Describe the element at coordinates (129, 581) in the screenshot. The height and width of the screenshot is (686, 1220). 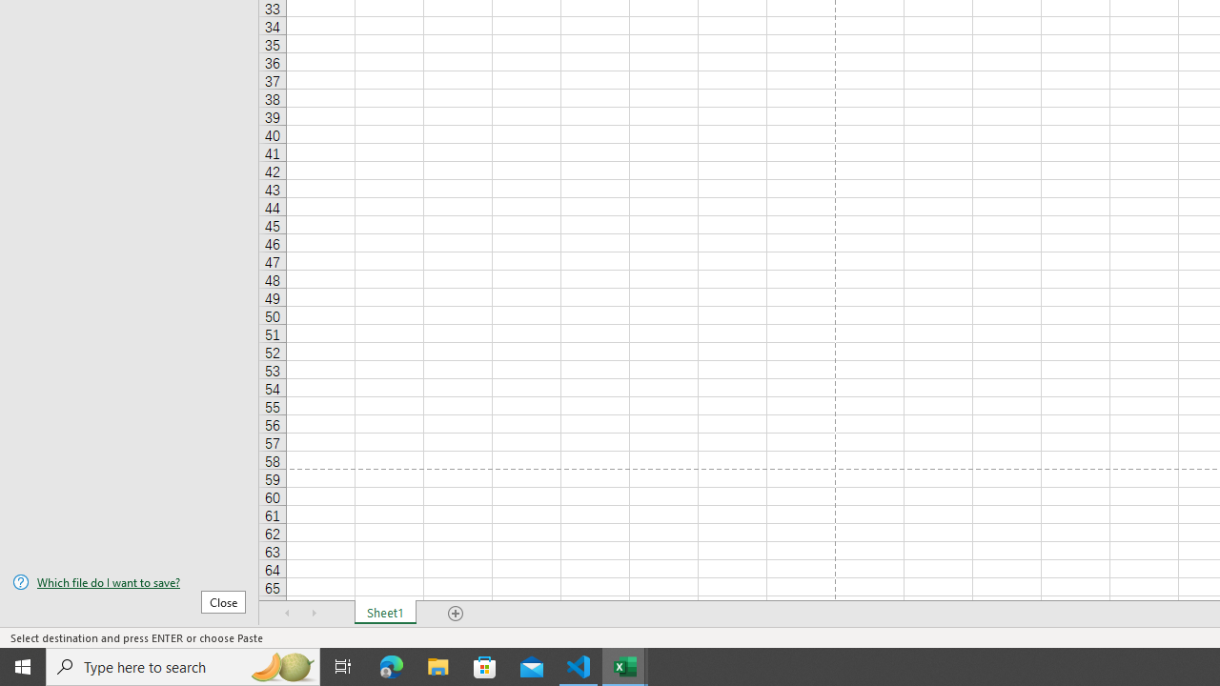
I see `'Which file do I want to save?'` at that location.